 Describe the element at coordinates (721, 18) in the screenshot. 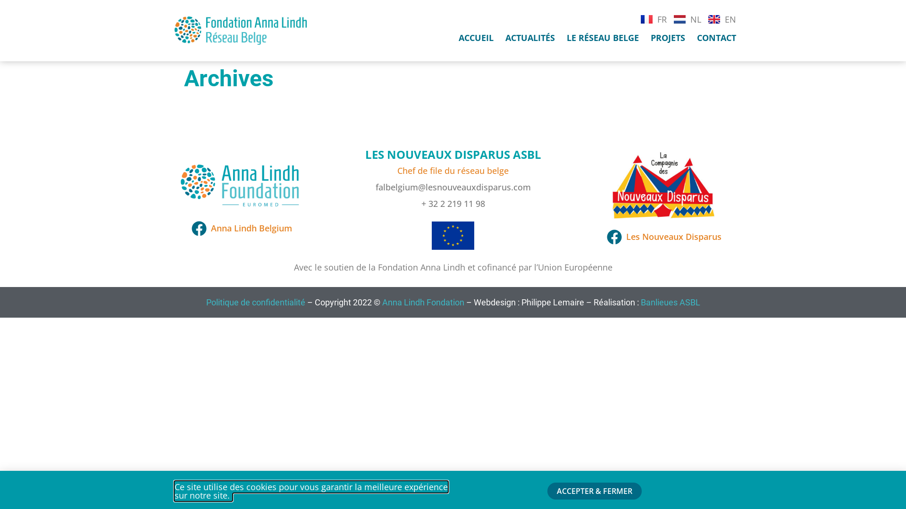

I see `'EN'` at that location.